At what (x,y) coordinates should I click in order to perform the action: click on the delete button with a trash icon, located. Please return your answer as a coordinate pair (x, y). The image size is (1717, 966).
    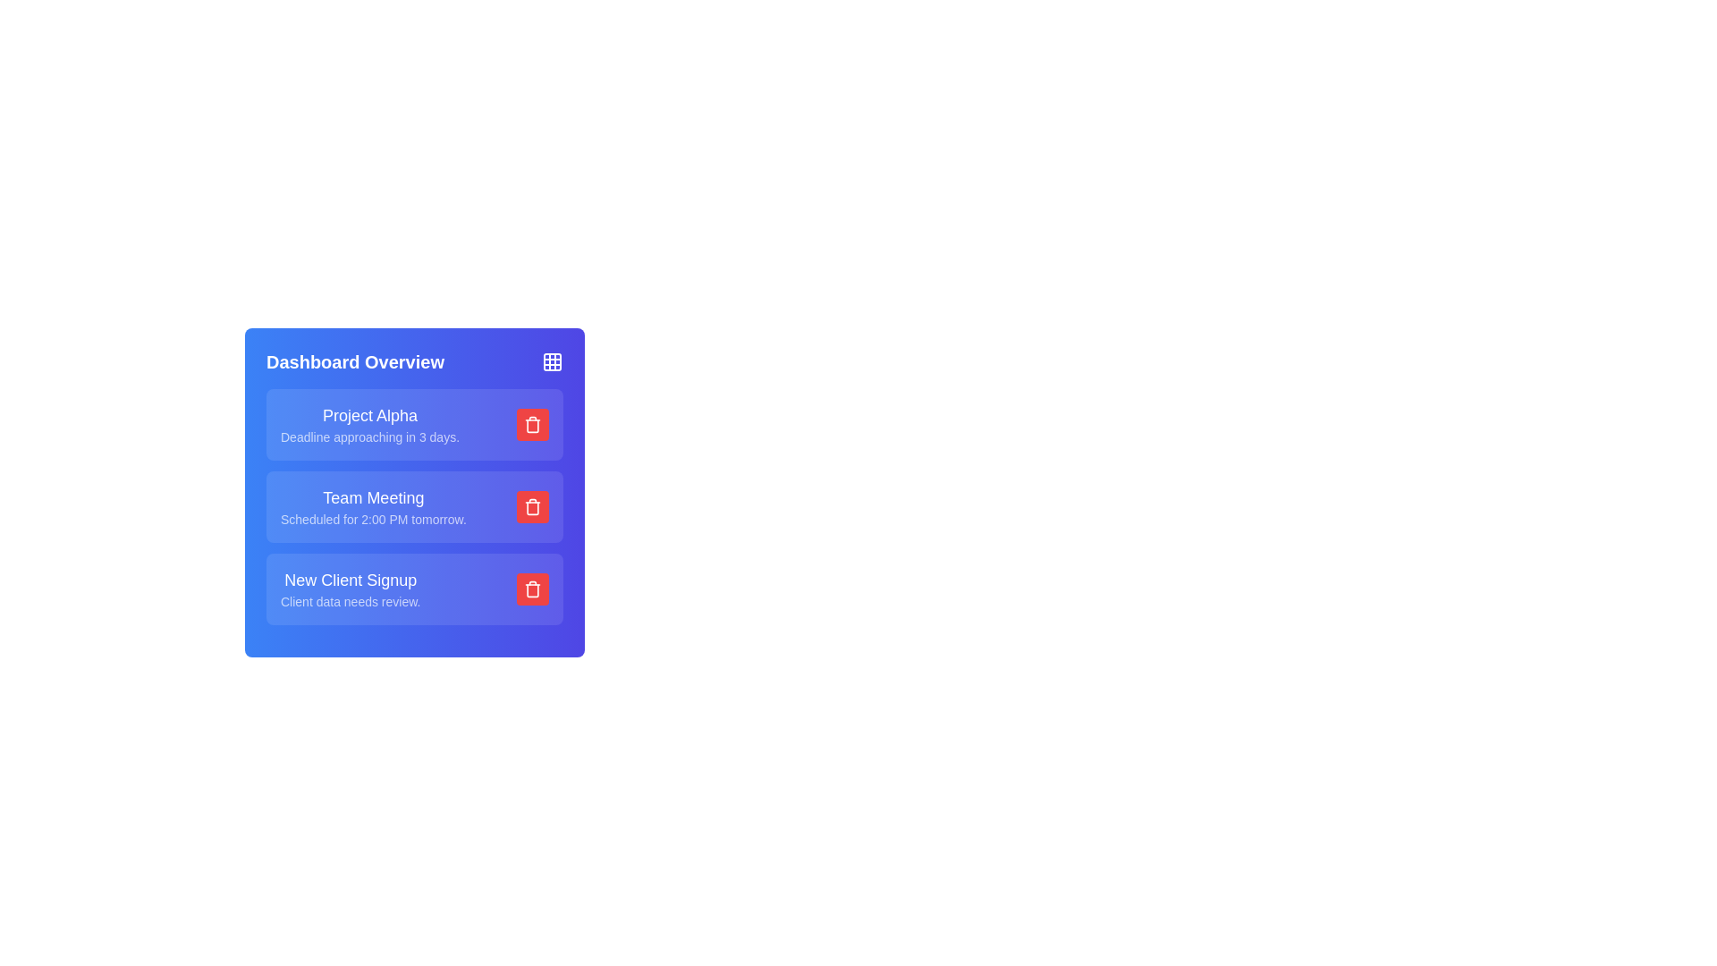
    Looking at the image, I should click on (531, 507).